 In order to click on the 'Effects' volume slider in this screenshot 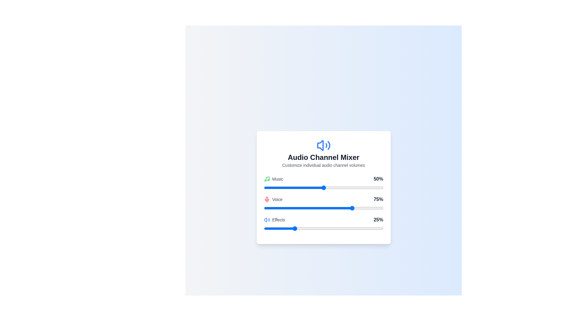, I will do `click(372, 229)`.